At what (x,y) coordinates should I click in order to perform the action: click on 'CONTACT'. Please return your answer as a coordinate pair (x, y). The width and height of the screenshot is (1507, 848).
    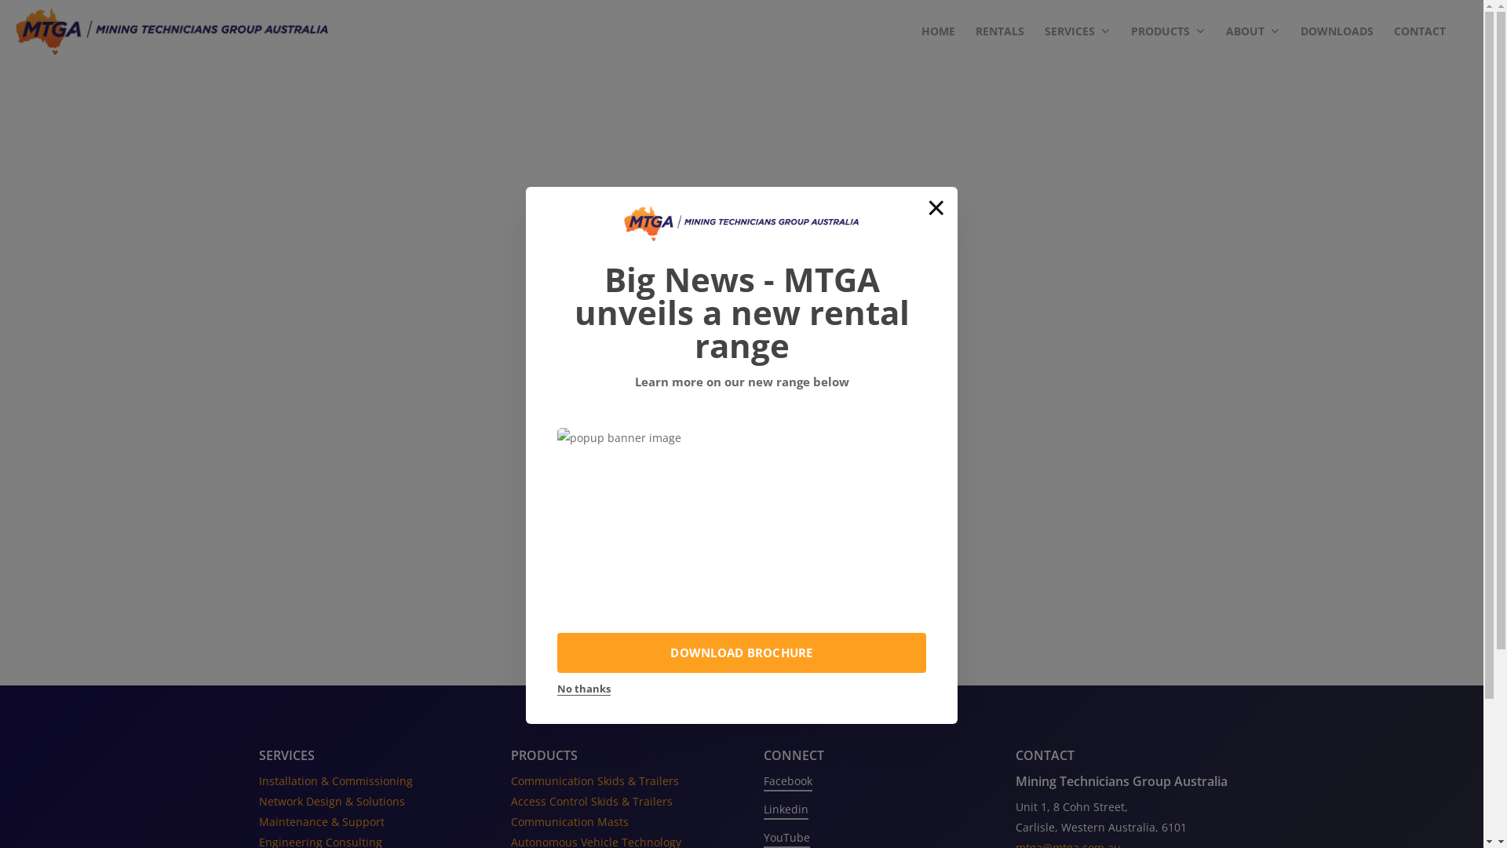
    Looking at the image, I should click on (1420, 31).